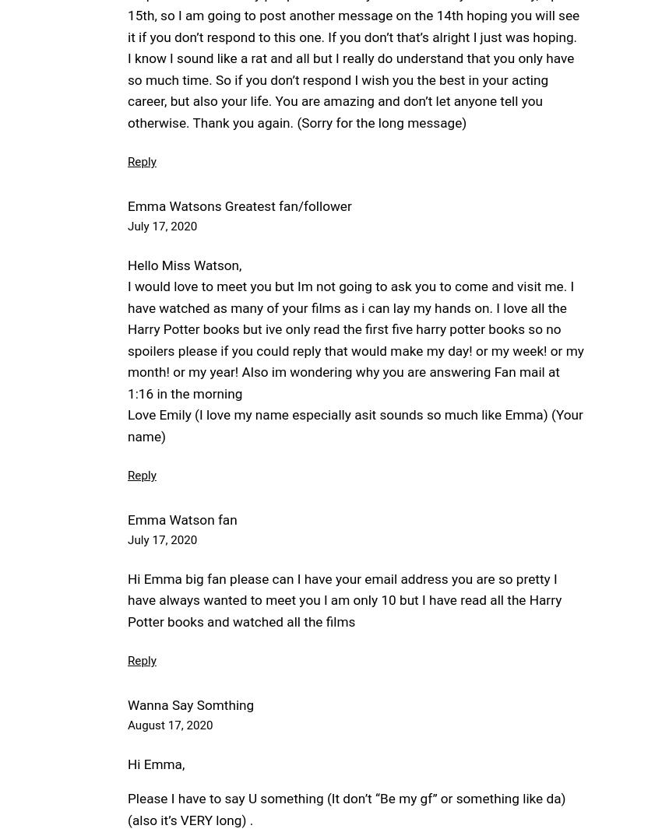 Image resolution: width=662 pixels, height=836 pixels. Describe the element at coordinates (184, 264) in the screenshot. I see `'Hello Miss Watson,'` at that location.